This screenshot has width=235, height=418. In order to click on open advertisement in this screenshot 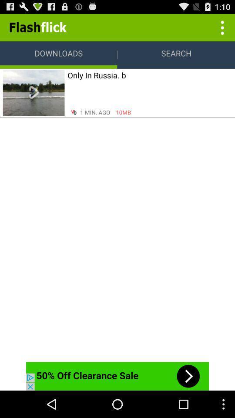, I will do `click(117, 376)`.